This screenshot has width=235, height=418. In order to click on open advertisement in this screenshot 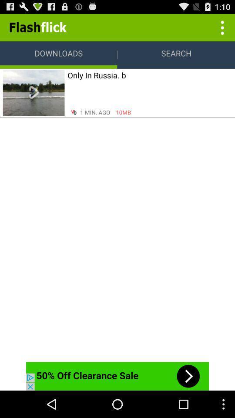, I will do `click(117, 376)`.